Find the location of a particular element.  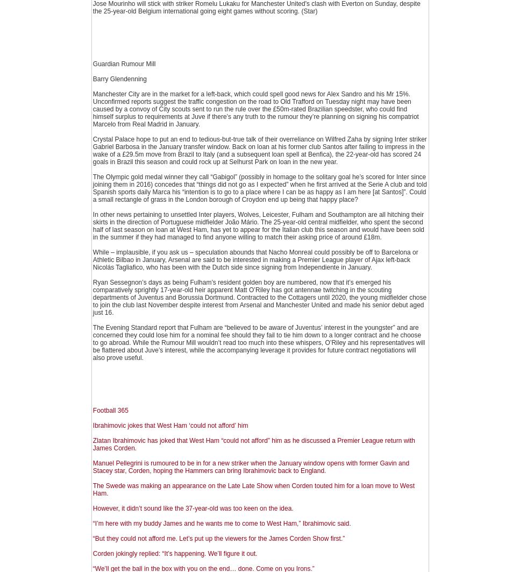

'Ryan Sessegnon’s days as being Fulham’s resident golden boy are numbered, now that it’s emerged his comparatively sprightly 17-year-old heir apparent Matt O’Riley has got antennae twitching in the scouting departments of Juventus and Borussia Dortmund. Contracted to the Cottagers until 2020, the young midfielder chose to join the club last November despite interest from Arsenal and Manchester United and made his senior debut aged just 16.' is located at coordinates (92, 296).